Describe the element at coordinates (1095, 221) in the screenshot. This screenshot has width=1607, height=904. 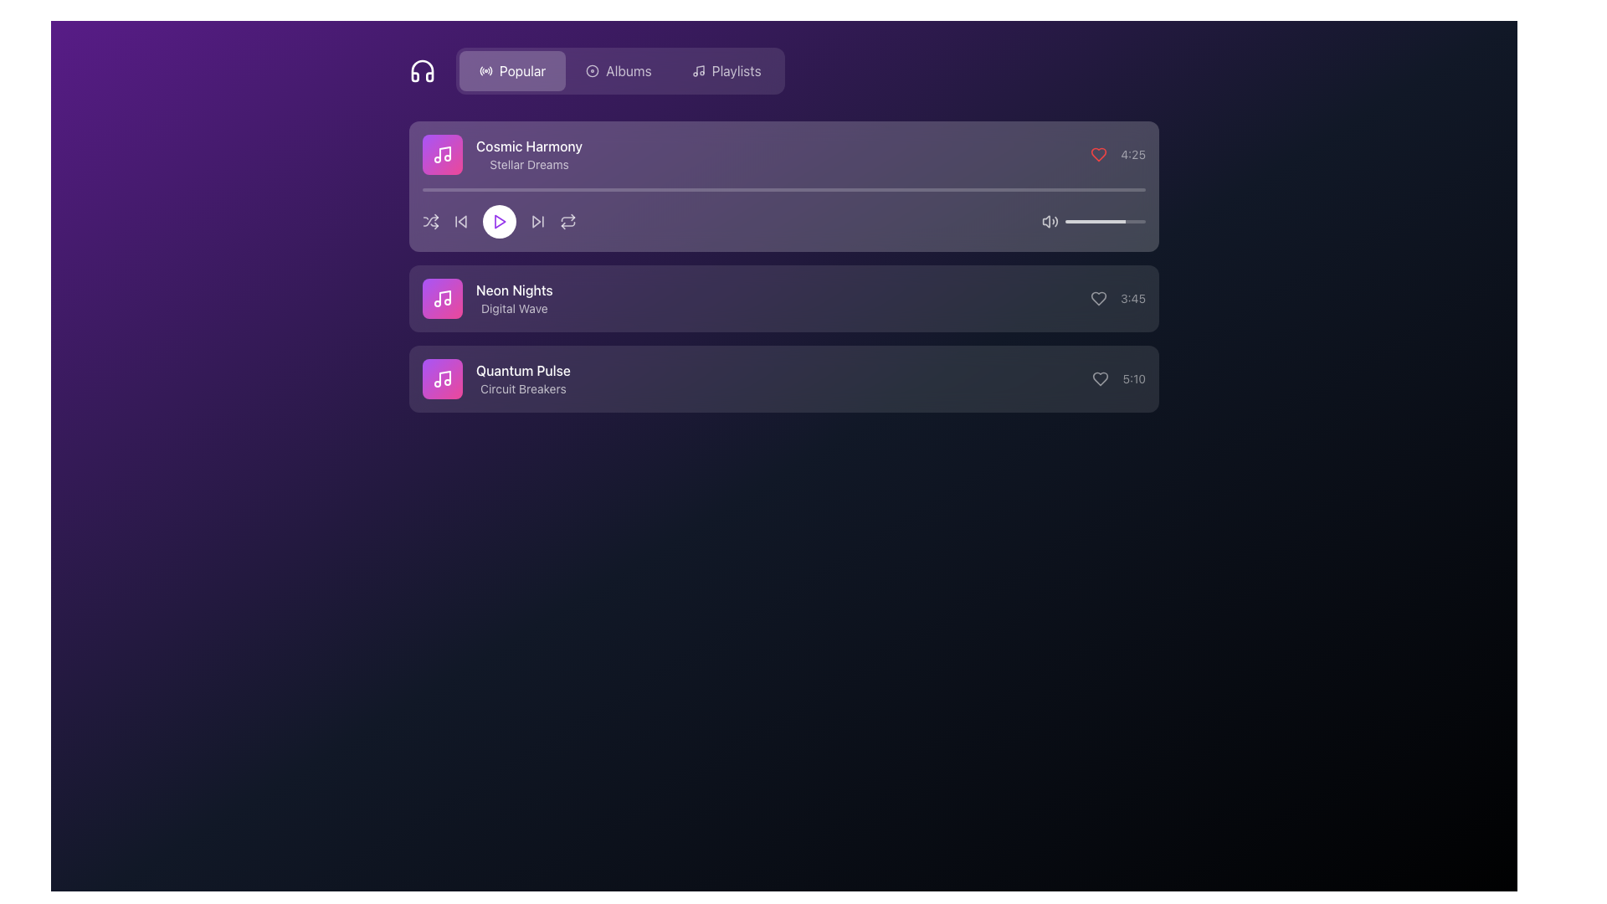
I see `volume` at that location.